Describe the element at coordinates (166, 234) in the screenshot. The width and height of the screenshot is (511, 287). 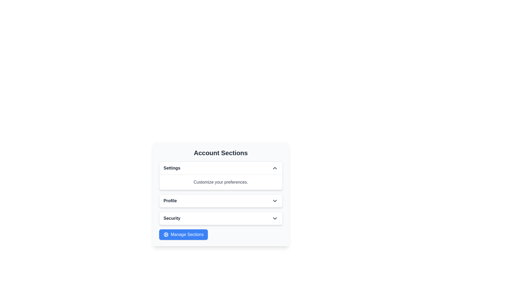
I see `the outer circumference of the cogwheel icon, which represents a settings or configuration functionality` at that location.